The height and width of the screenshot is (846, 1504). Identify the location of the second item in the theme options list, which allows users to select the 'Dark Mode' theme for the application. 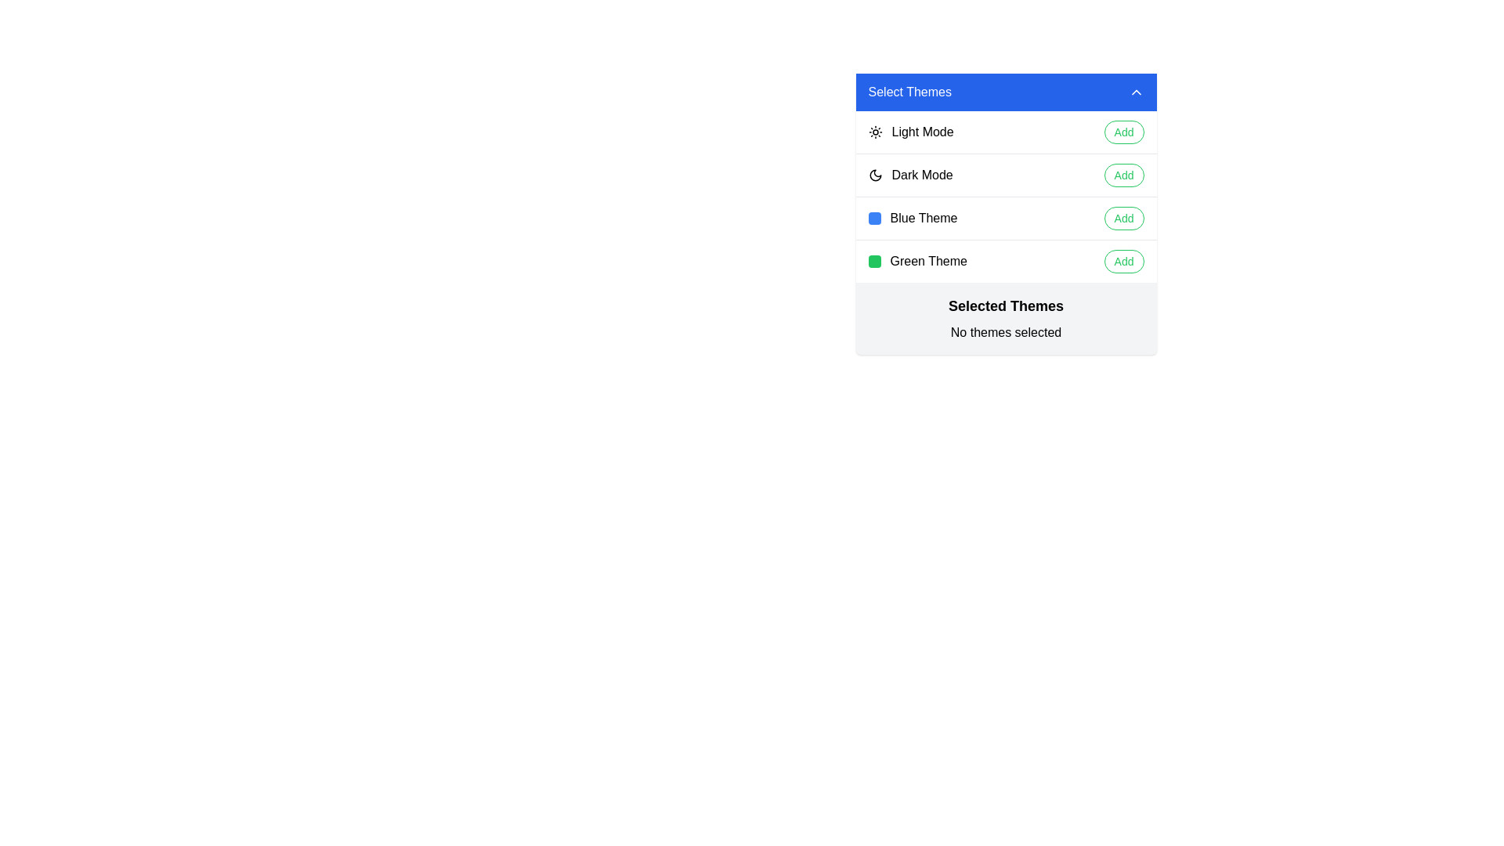
(1006, 175).